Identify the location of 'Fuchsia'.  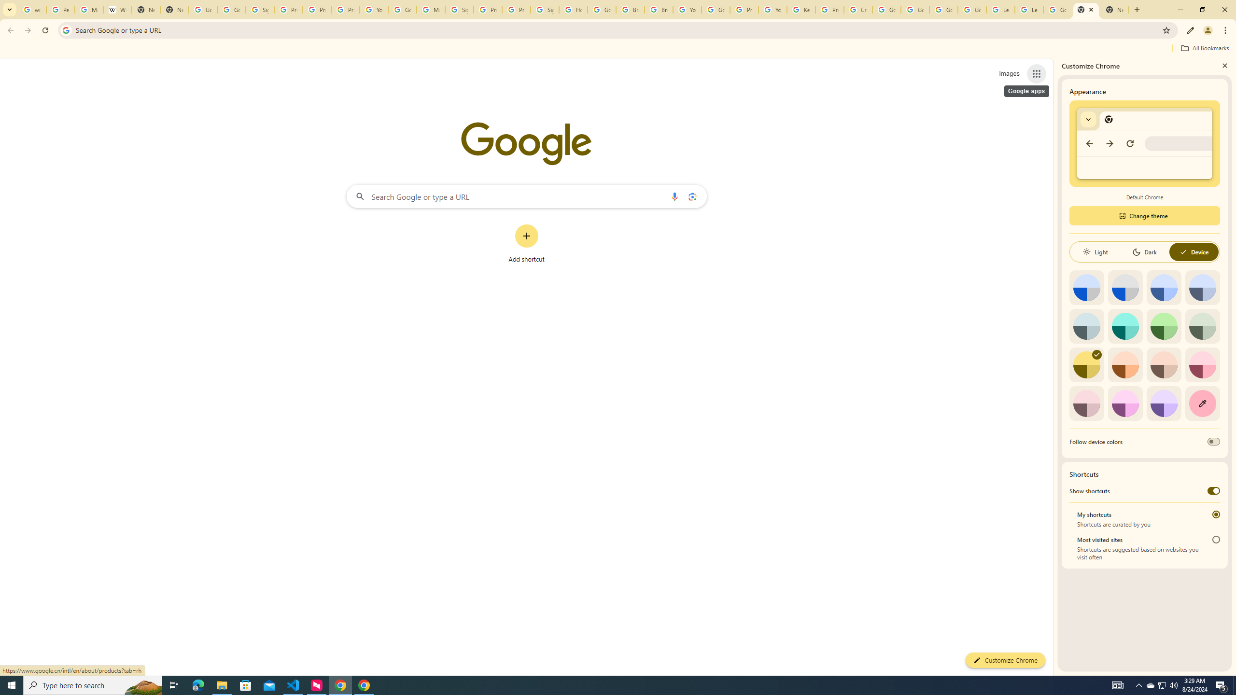
(1124, 403).